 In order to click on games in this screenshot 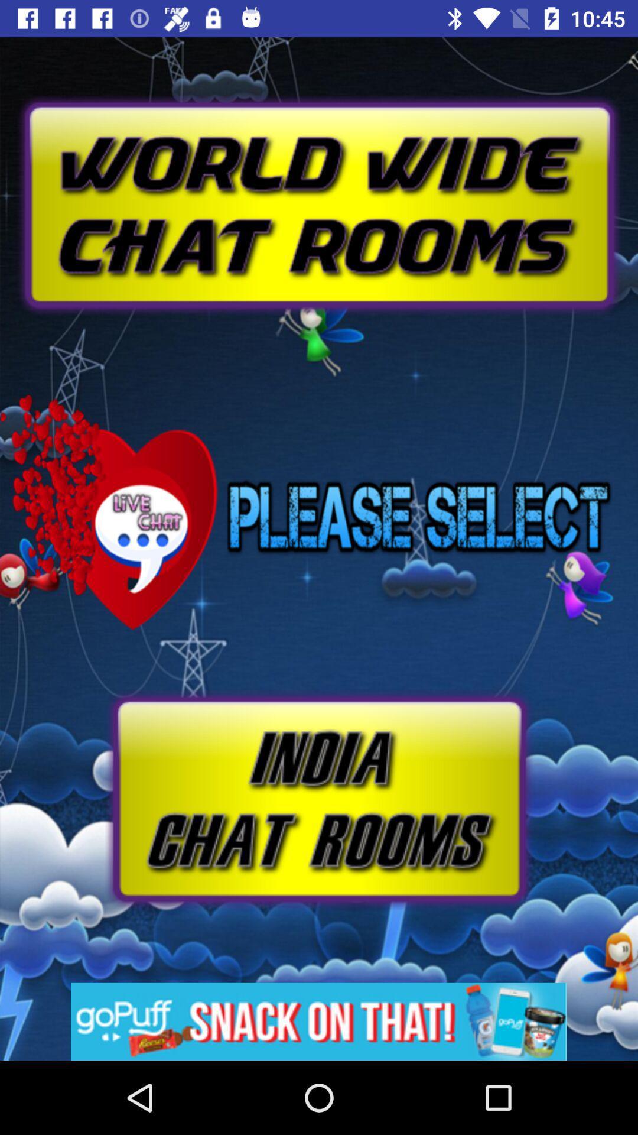, I will do `click(319, 1021)`.